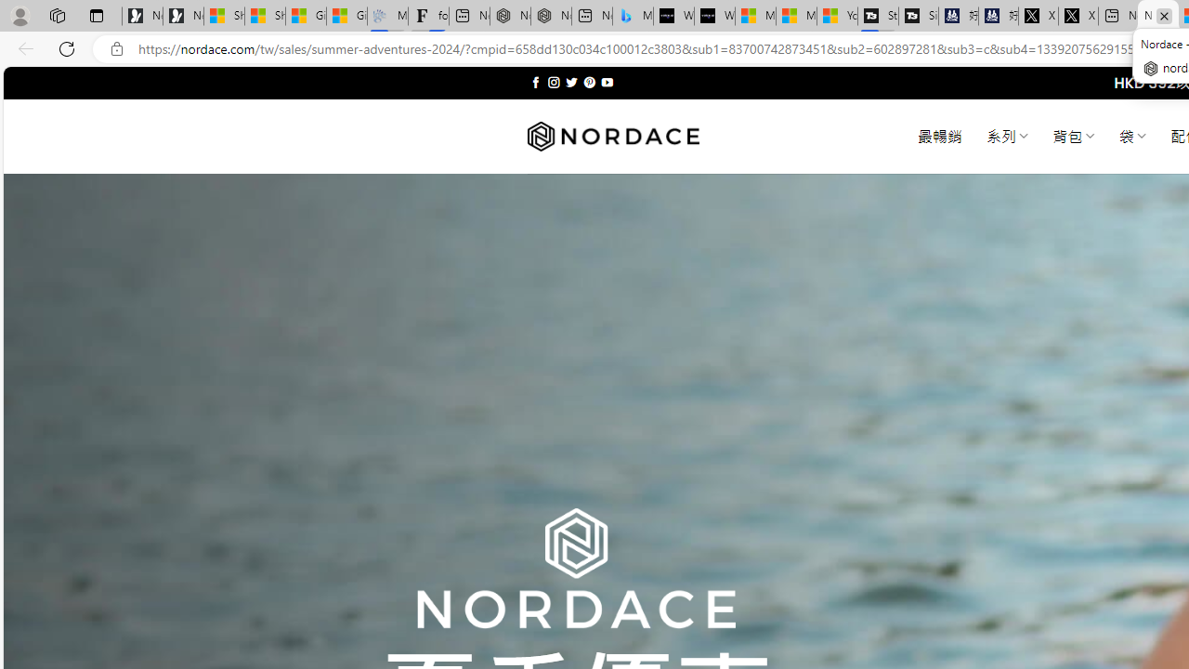  Describe the element at coordinates (264, 16) in the screenshot. I see `'Shanghai, China weather forecast | Microsoft Weather'` at that location.